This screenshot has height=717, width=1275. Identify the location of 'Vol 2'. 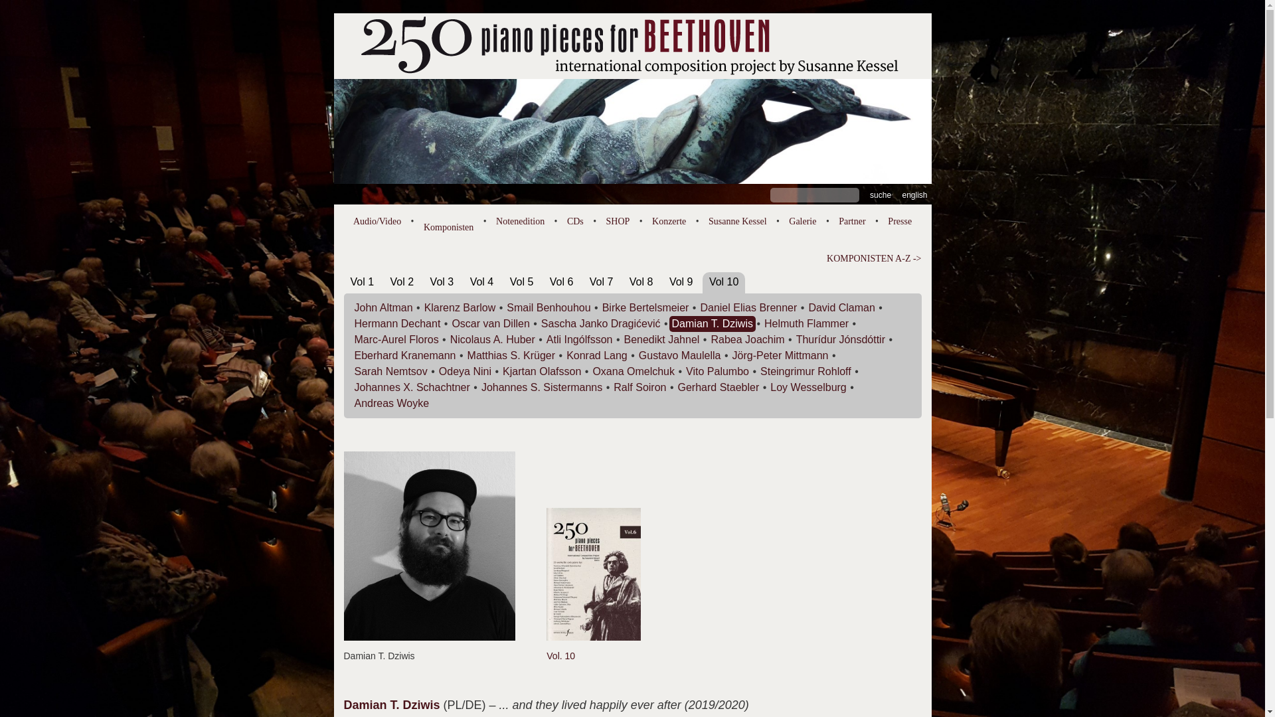
(401, 281).